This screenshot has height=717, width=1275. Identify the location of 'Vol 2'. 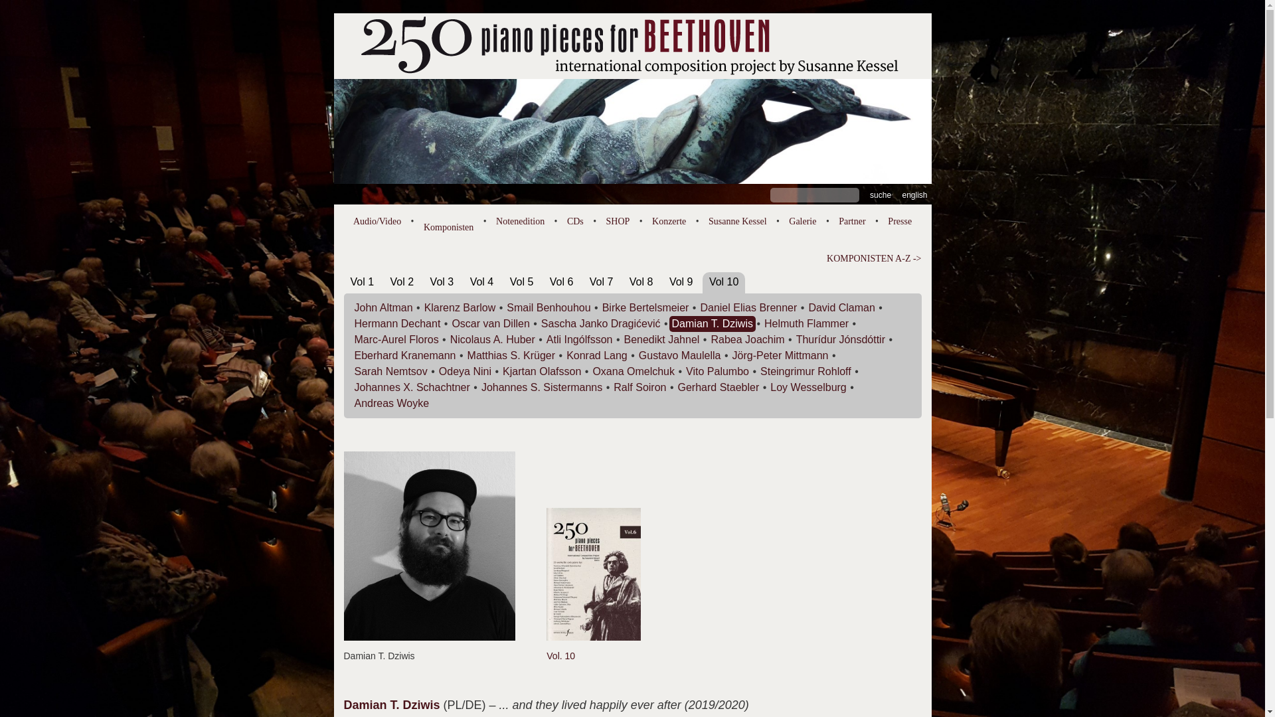
(401, 281).